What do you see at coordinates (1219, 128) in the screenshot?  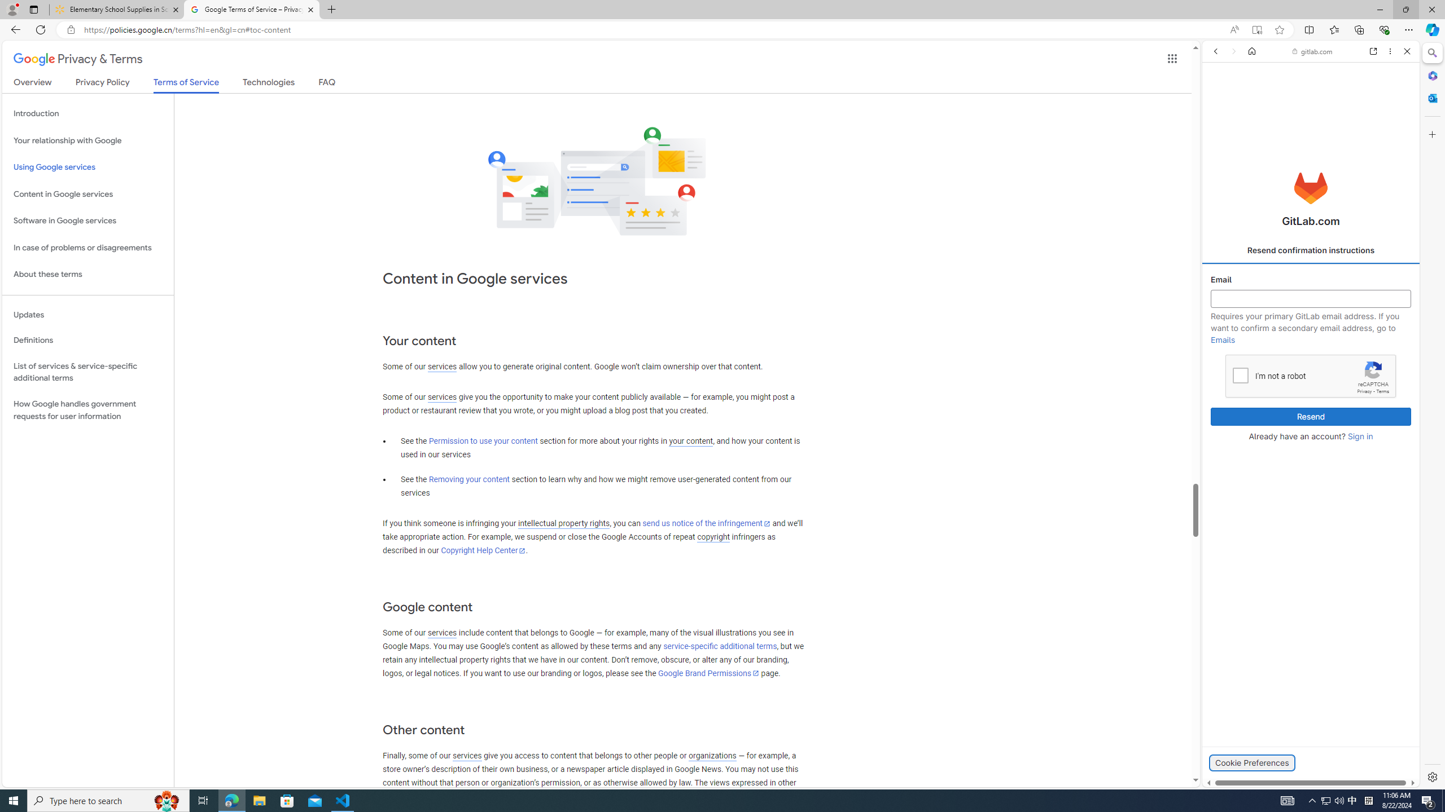 I see `'Search Filter, ALL'` at bounding box center [1219, 128].